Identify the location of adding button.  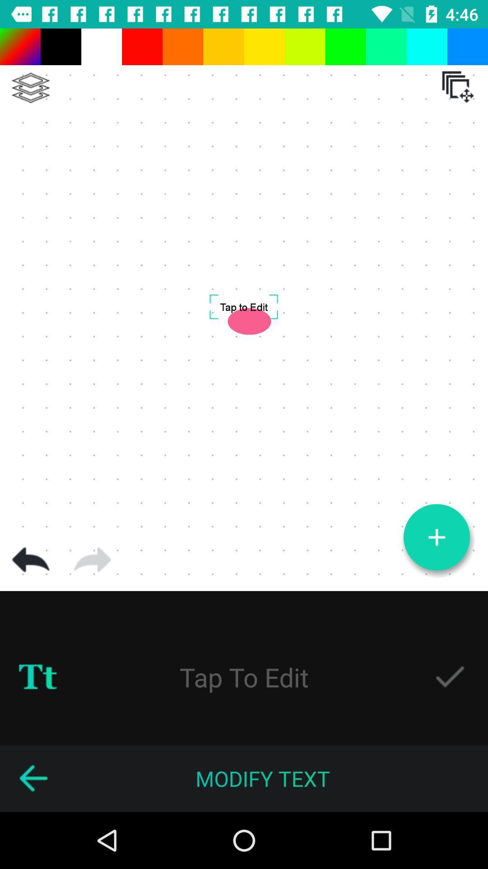
(436, 537).